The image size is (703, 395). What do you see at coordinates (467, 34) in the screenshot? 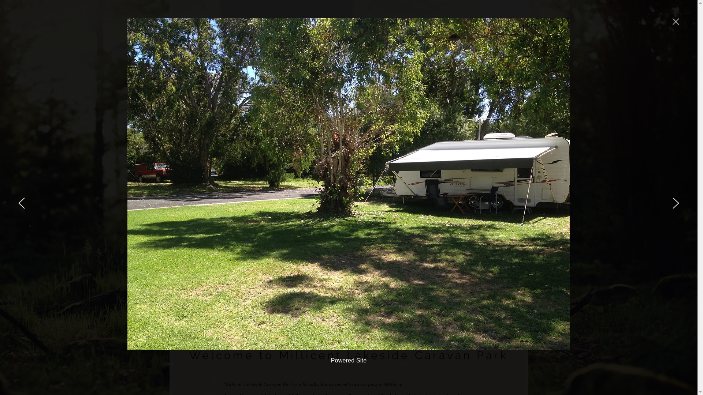
I see `'BOOK NOW'` at bounding box center [467, 34].